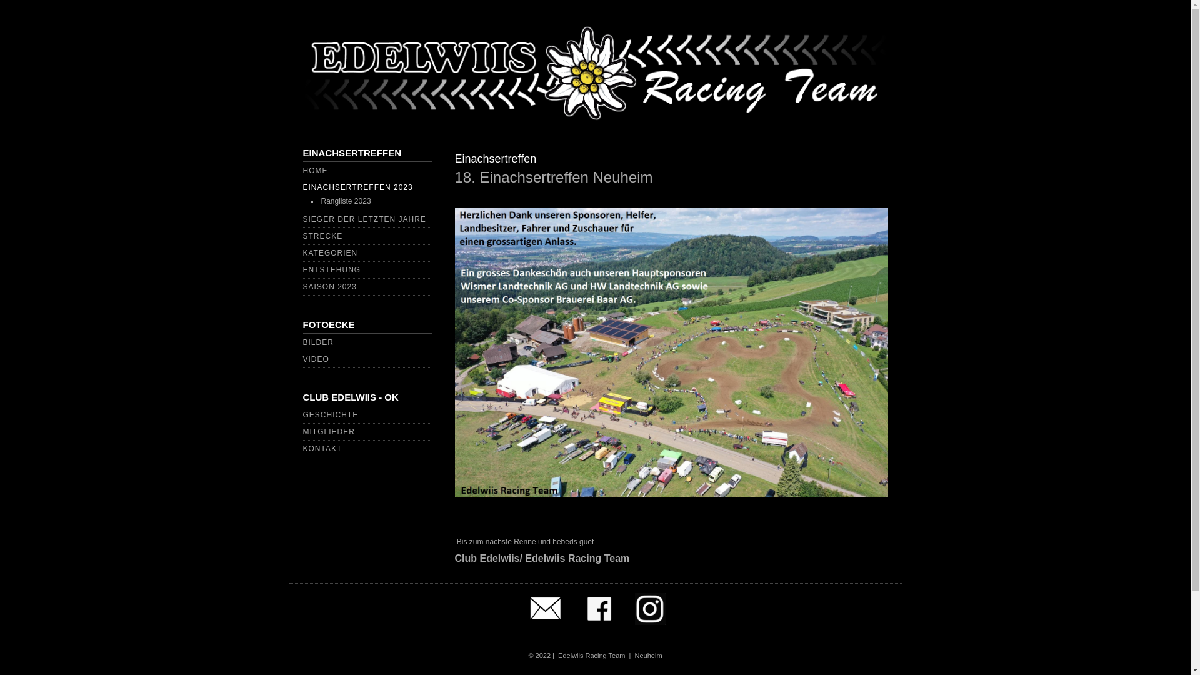 The image size is (1200, 675). Describe the element at coordinates (302, 447) in the screenshot. I see `'KONTAKT'` at that location.